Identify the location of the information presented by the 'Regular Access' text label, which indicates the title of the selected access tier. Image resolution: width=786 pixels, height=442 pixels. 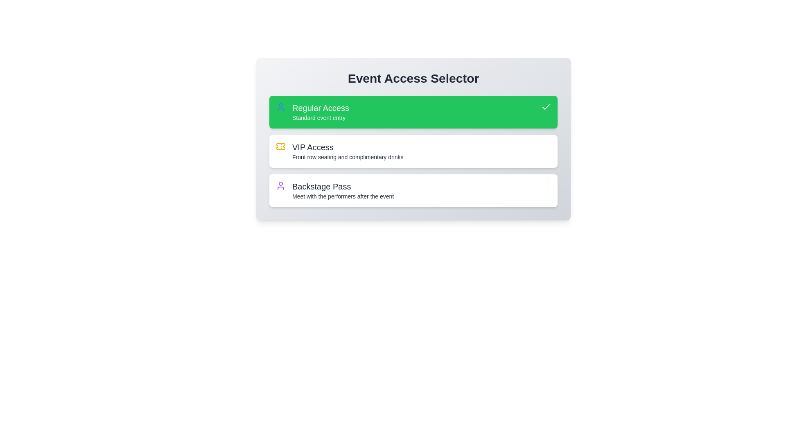
(413, 107).